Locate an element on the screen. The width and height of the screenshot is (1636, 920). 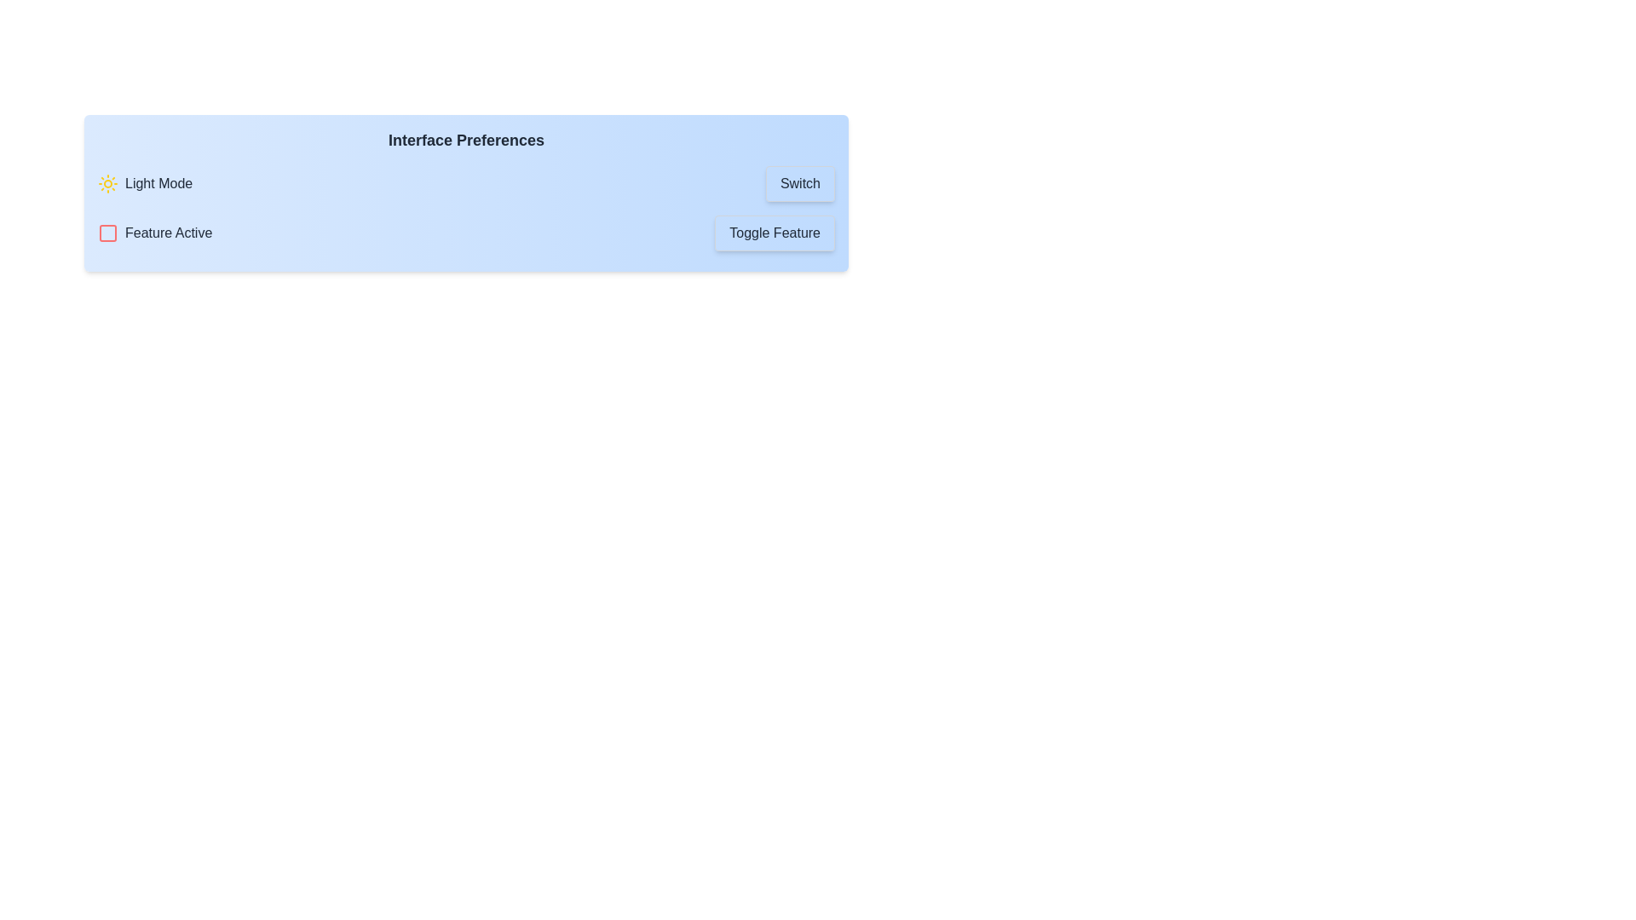
the 'Feature Active' icon located on the left side of the interface, under 'Light Mode' is located at coordinates (107, 233).